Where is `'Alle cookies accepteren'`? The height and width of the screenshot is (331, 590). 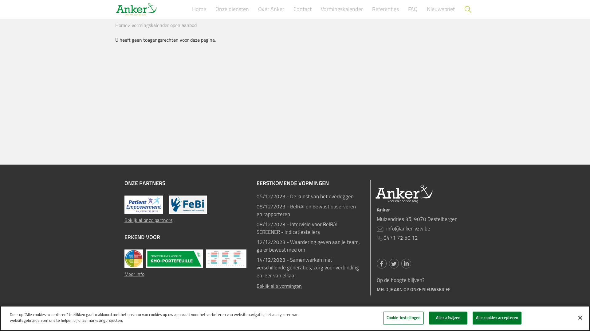 'Alle cookies accepteren' is located at coordinates (472, 318).